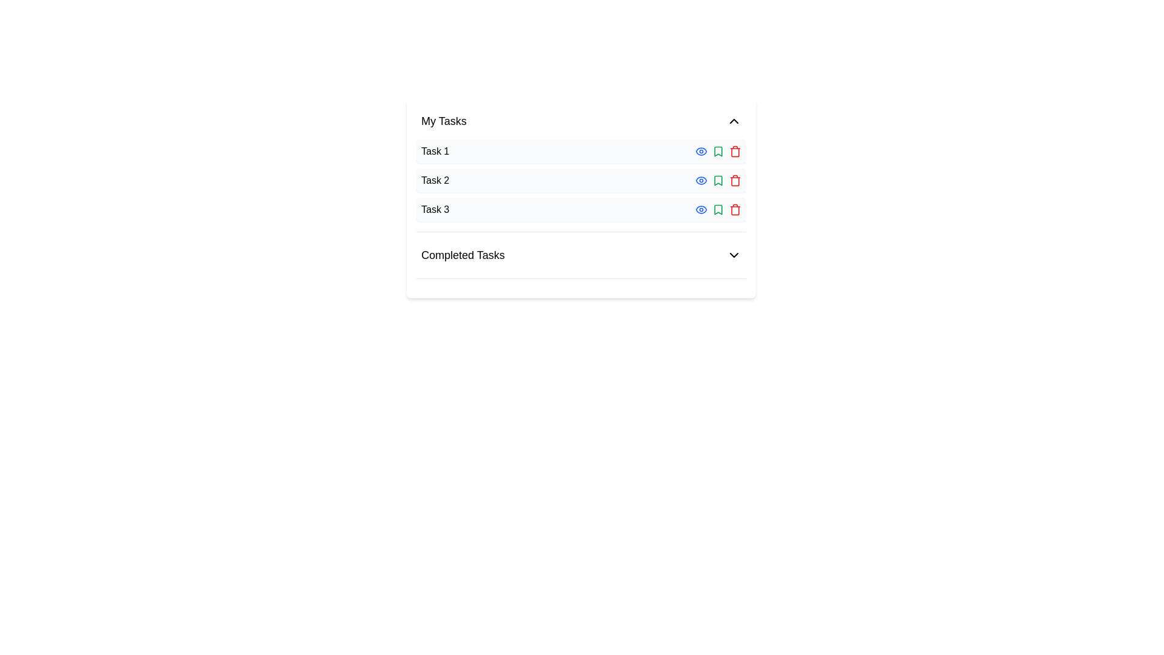 This screenshot has width=1164, height=655. I want to click on the Text Label displaying 'Task 1', which is aligned to the left in the 'My Tasks' list and has a light gray background with rounded corners, so click(435, 151).